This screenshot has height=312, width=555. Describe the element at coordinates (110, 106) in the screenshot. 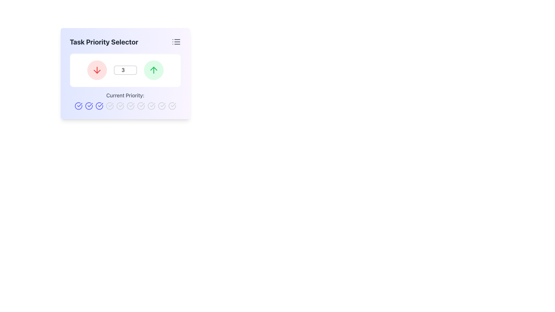

I see `the fourth circular icon in the 'Current Priority' section, which represents a specific priority state in the task priority selection interface` at that location.